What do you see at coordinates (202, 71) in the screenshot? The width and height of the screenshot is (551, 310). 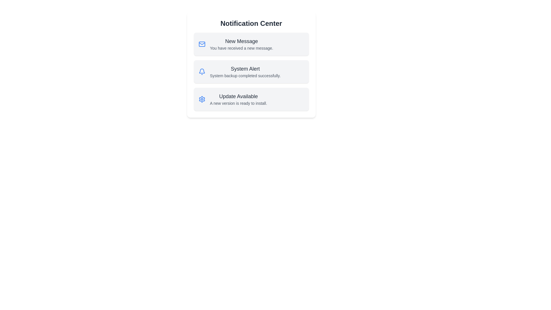 I see `the notification bell icon, which is a curved shape resembling a bell, outlined in a neutral or dark color, centrally located within the notification interface` at bounding box center [202, 71].